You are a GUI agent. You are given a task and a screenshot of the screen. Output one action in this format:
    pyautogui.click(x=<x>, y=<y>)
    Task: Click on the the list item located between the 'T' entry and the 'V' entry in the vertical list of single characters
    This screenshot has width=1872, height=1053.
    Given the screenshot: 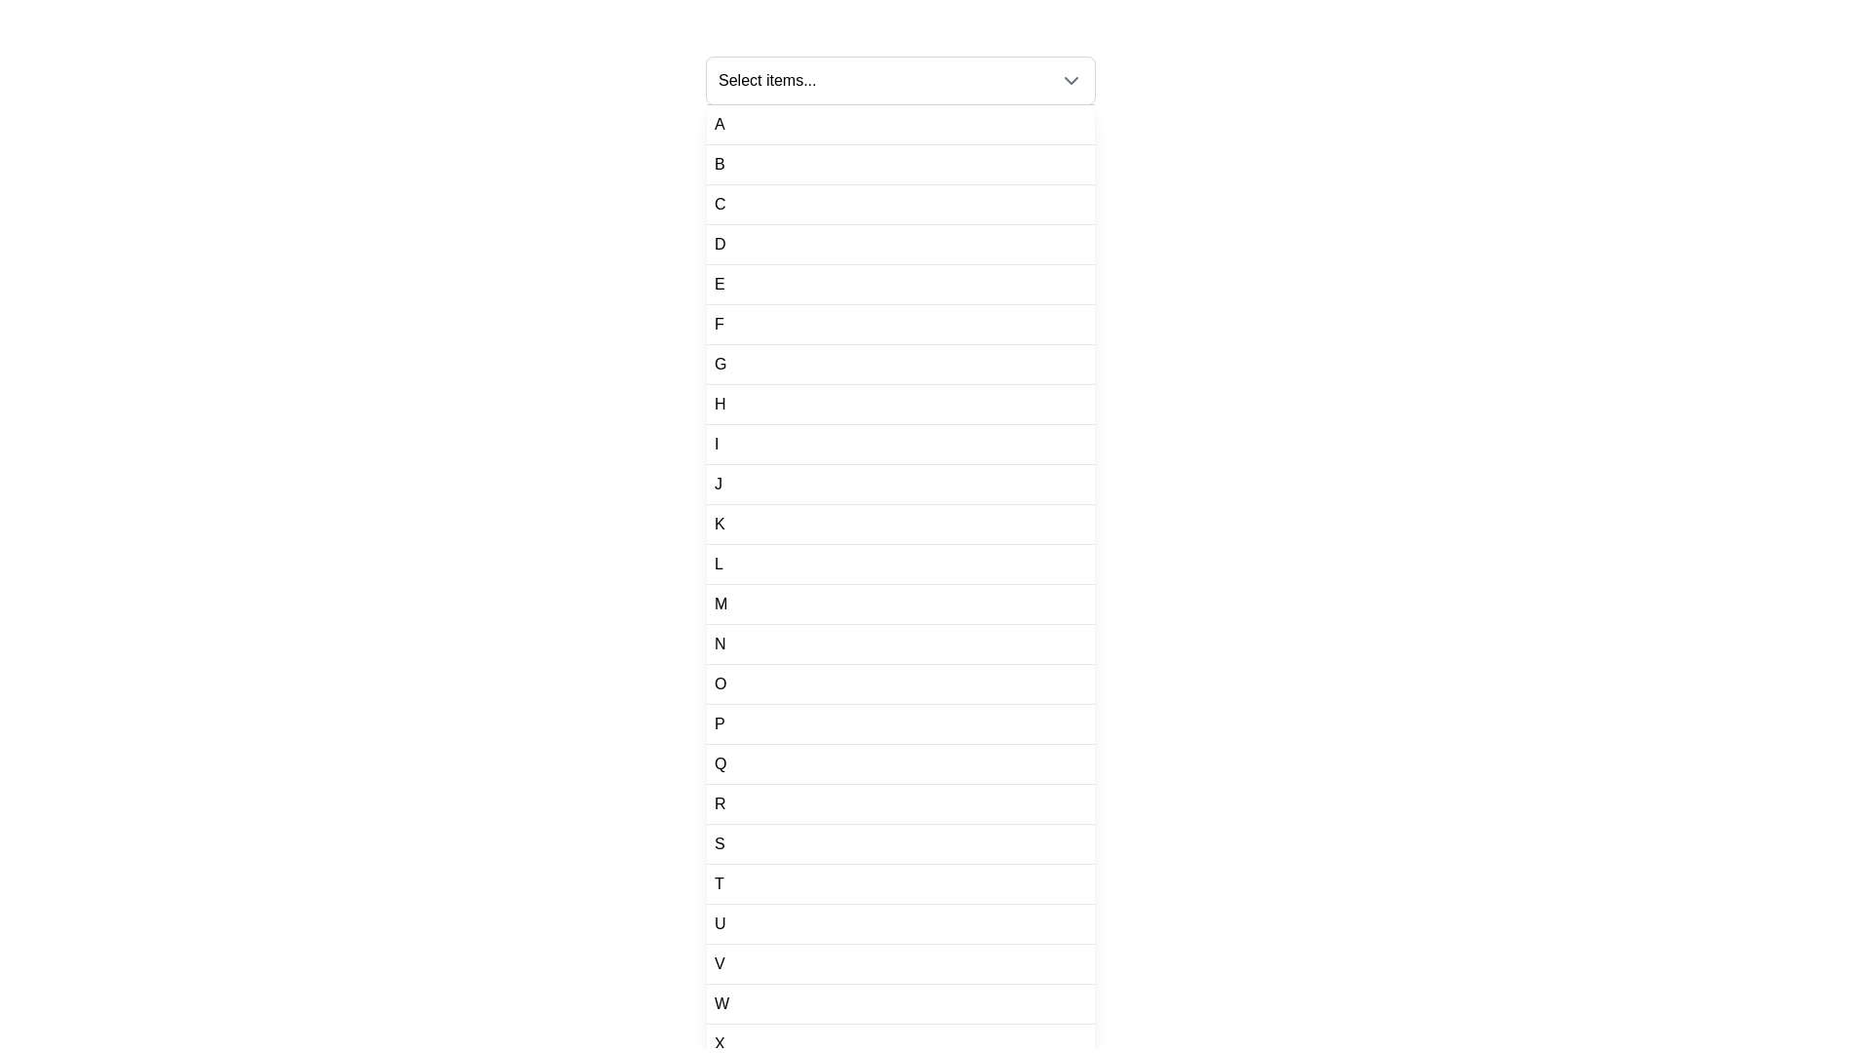 What is the action you would take?
    pyautogui.click(x=719, y=923)
    